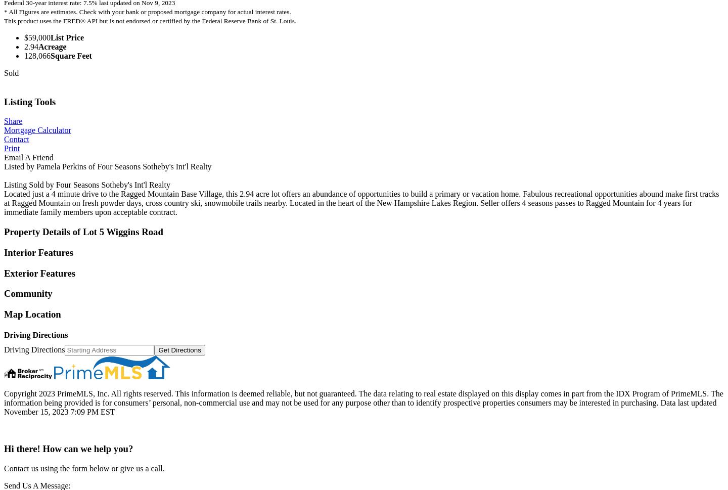  What do you see at coordinates (86, 185) in the screenshot?
I see `'Listing Sold by Four Seasons Sotheby's Int'l Realty'` at bounding box center [86, 185].